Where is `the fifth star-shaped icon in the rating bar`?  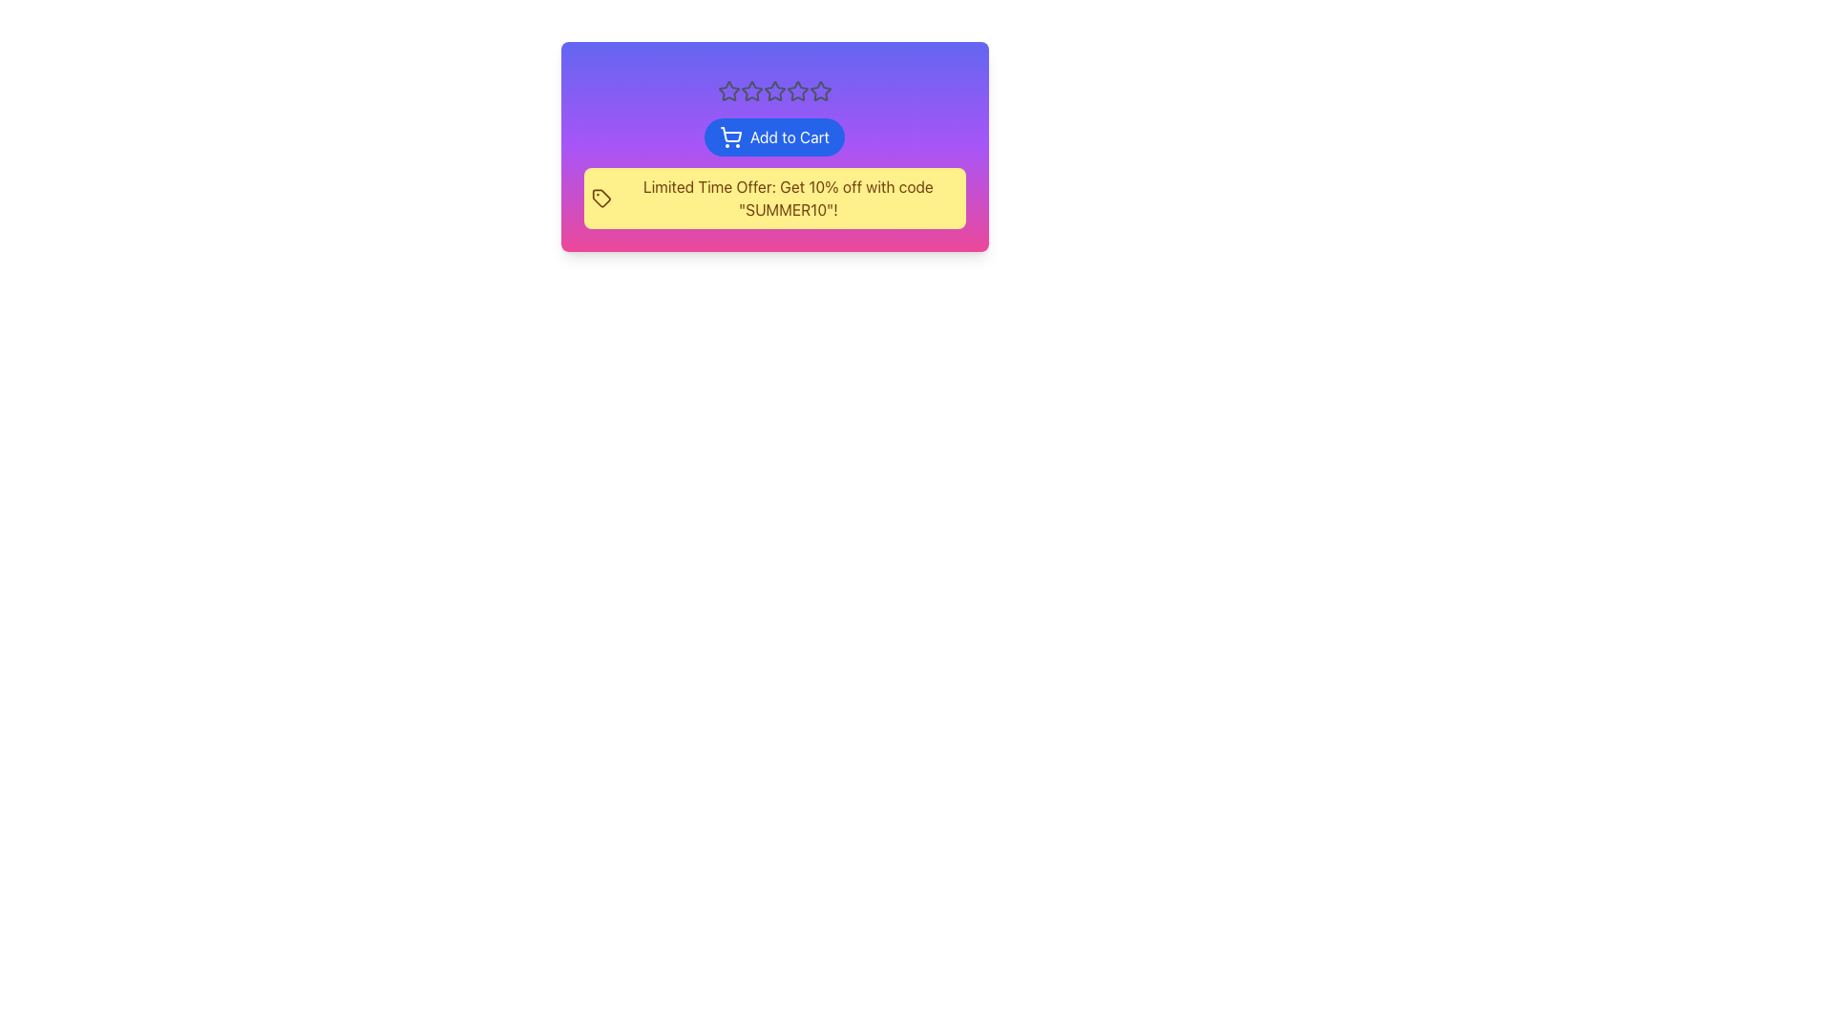
the fifth star-shaped icon in the rating bar is located at coordinates (797, 92).